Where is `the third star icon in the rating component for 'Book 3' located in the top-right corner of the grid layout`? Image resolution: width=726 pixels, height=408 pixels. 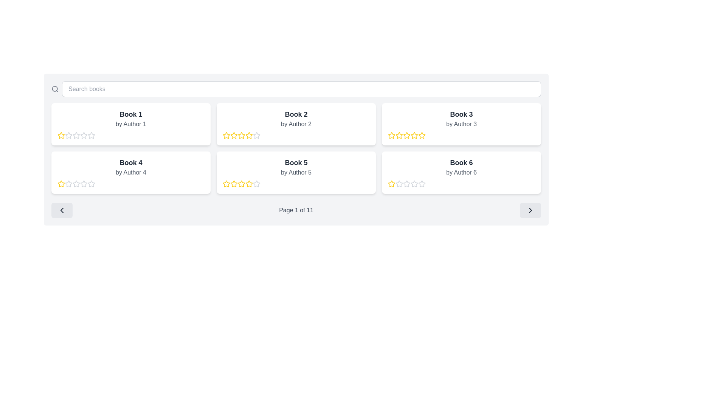
the third star icon in the rating component for 'Book 3' located in the top-right corner of the grid layout is located at coordinates (399, 135).